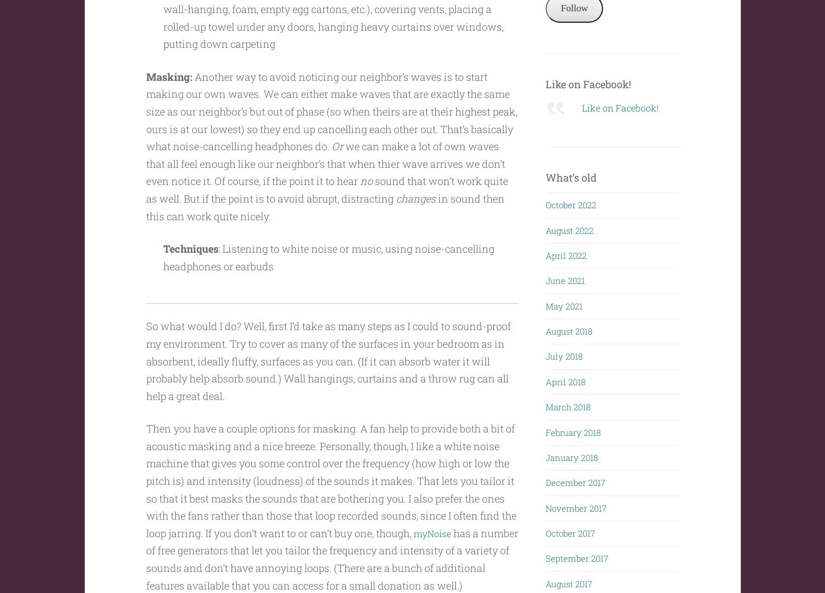 The height and width of the screenshot is (593, 825). Describe the element at coordinates (434, 532) in the screenshot. I see `'myNoise'` at that location.